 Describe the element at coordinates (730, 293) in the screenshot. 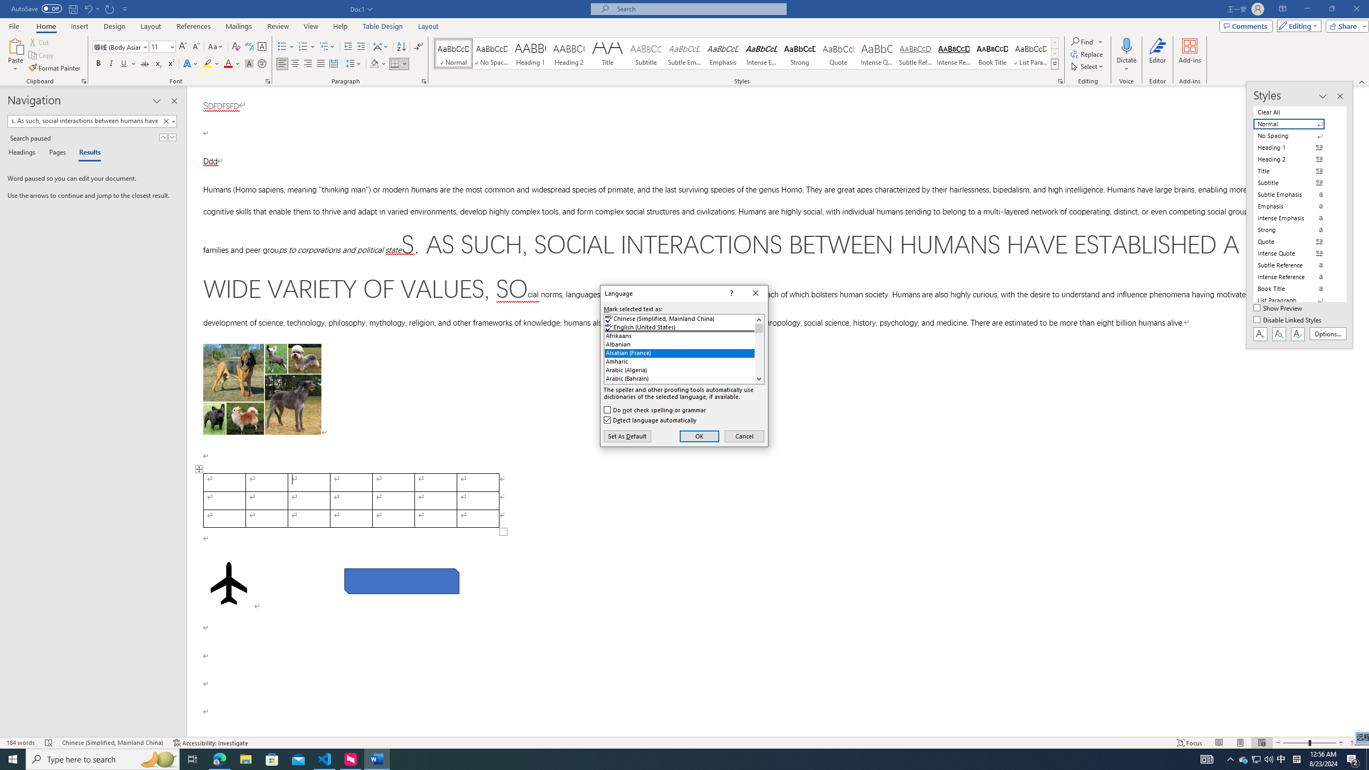

I see `'Context help'` at that location.